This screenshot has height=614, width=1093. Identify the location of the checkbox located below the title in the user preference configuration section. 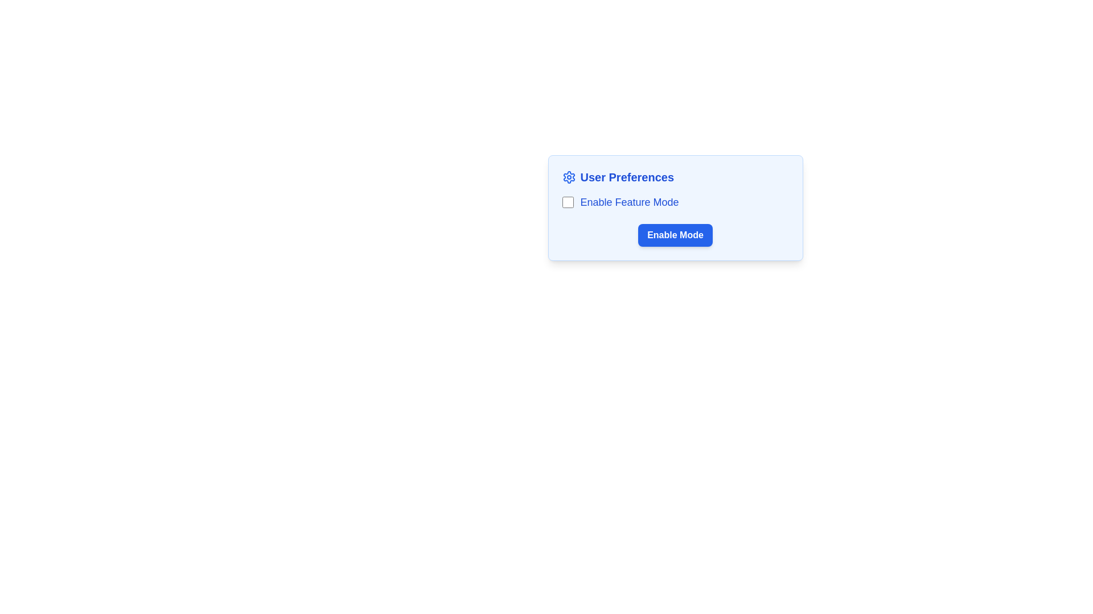
(675, 208).